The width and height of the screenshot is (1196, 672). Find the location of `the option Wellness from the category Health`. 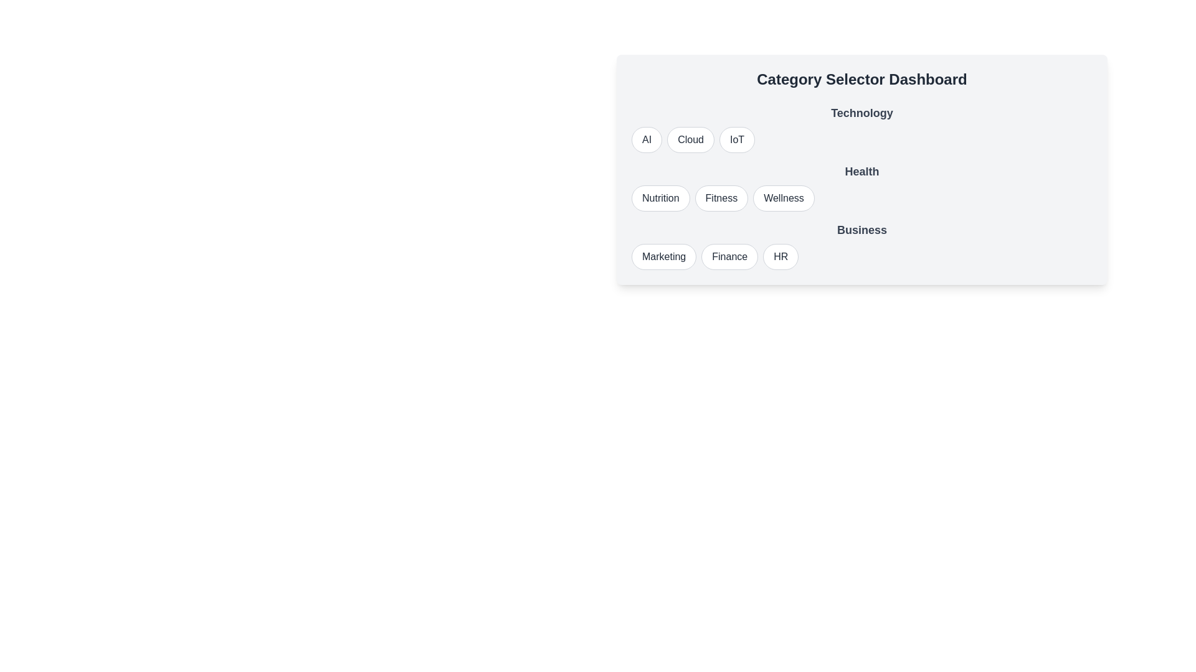

the option Wellness from the category Health is located at coordinates (783, 198).